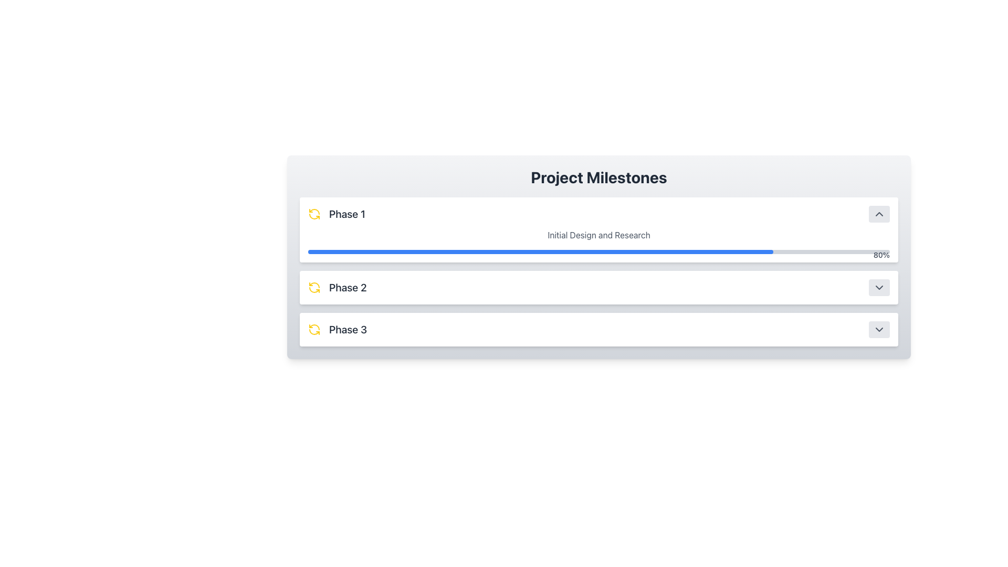 The width and height of the screenshot is (1008, 567). What do you see at coordinates (348, 287) in the screenshot?
I see `the text label displaying 'Phase 2', which is styled in a bold, larger font and located in the second card-like section of the vertical stack between 'Phase 1' and 'Phase 3'` at bounding box center [348, 287].